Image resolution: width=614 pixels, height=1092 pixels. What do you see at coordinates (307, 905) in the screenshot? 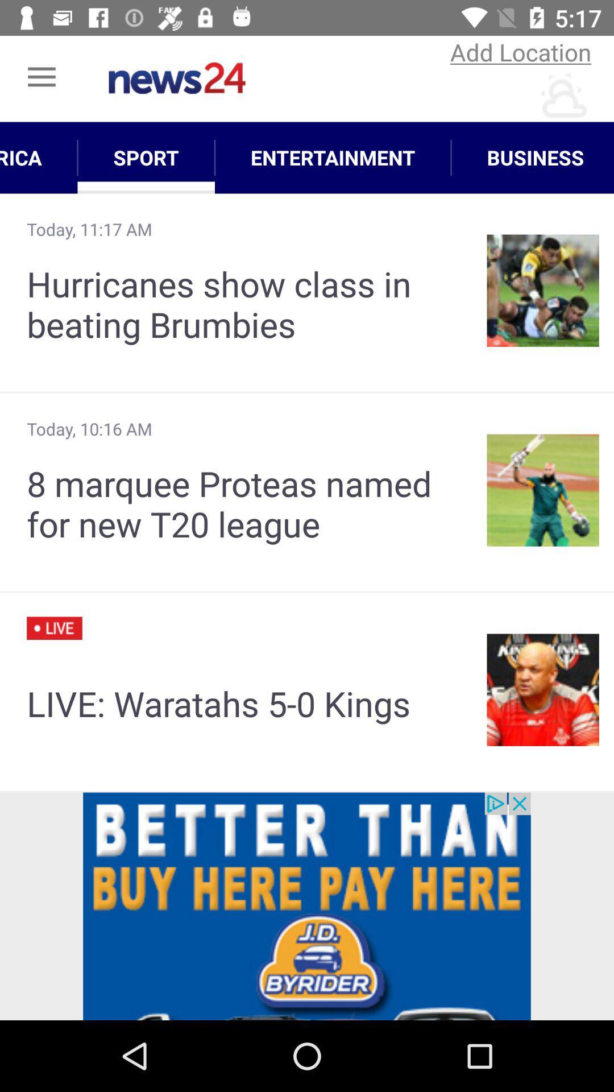
I see `advertisent page` at bounding box center [307, 905].